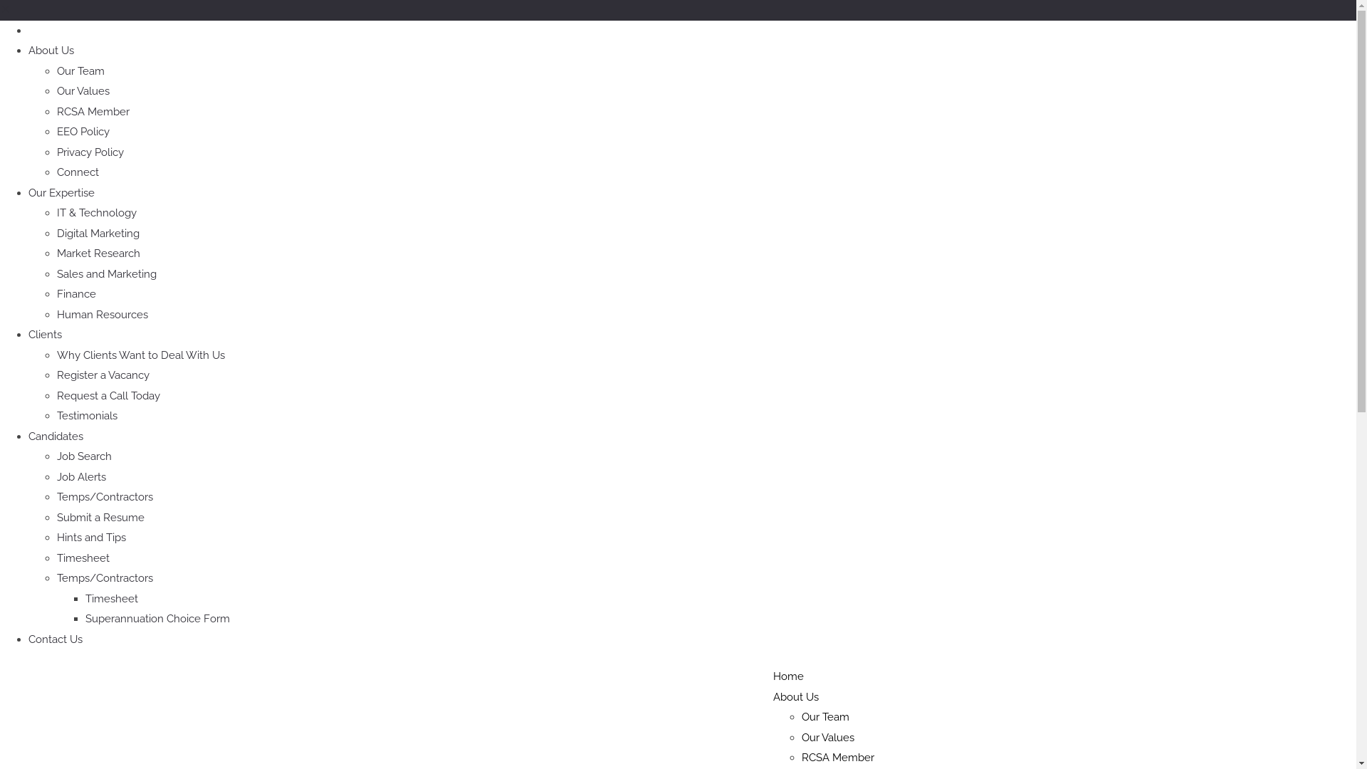  Describe the element at coordinates (61, 192) in the screenshot. I see `'Our Expertise'` at that location.